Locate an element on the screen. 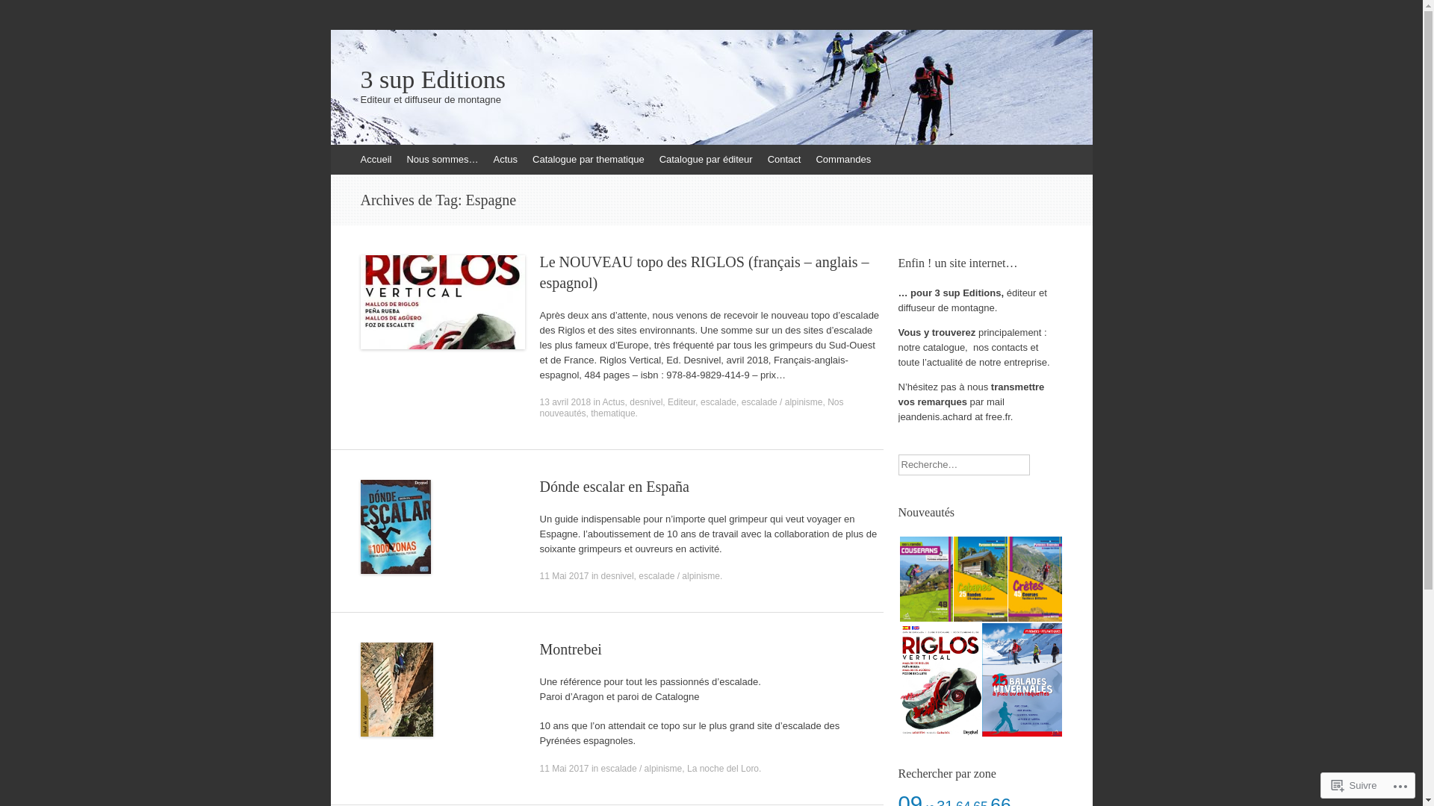  'Suivre' is located at coordinates (1326, 784).